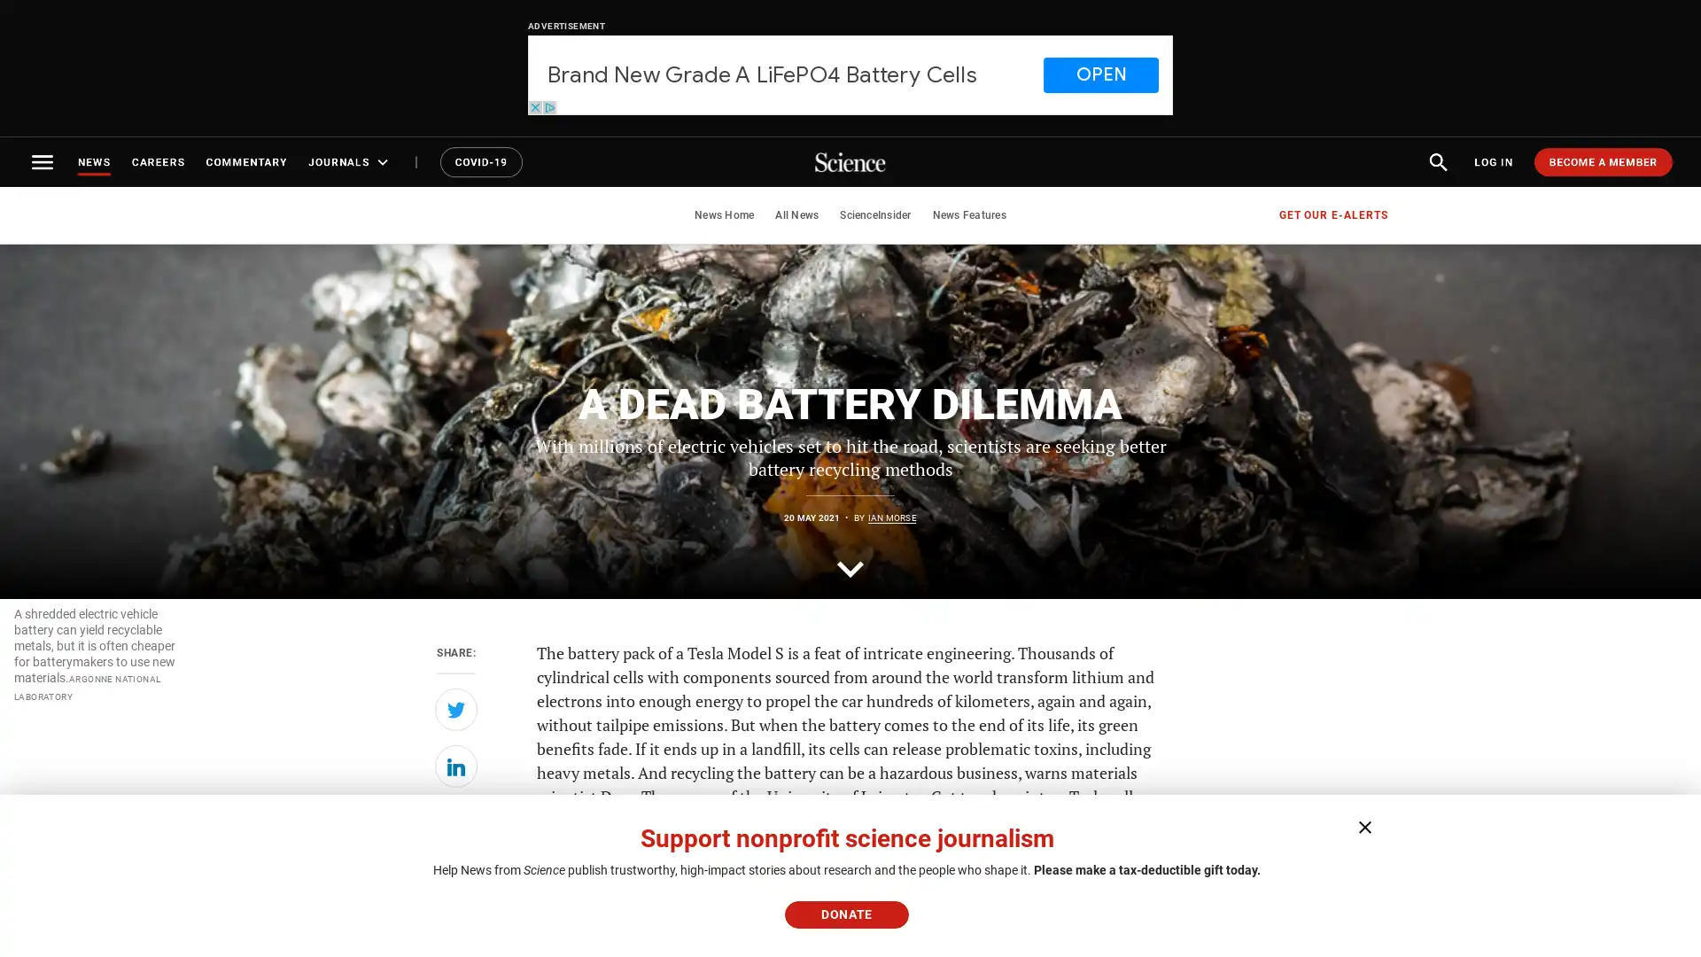  What do you see at coordinates (350, 161) in the screenshot?
I see `JOURNALS` at bounding box center [350, 161].